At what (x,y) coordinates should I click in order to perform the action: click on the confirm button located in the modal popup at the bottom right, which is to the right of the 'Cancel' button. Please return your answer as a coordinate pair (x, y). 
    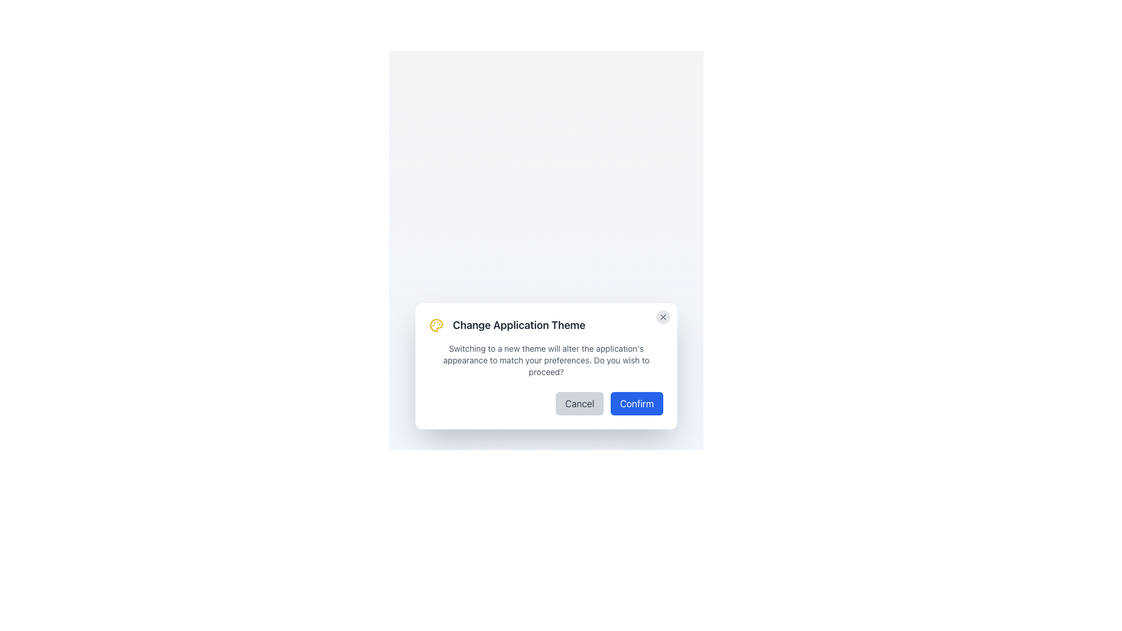
    Looking at the image, I should click on (636, 403).